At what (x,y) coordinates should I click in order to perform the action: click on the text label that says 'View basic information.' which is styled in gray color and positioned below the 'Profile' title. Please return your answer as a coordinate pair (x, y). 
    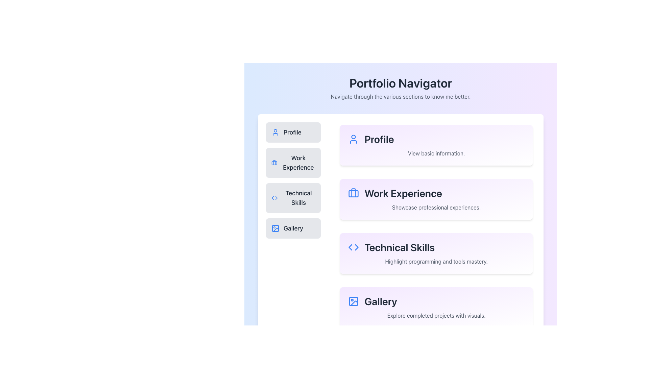
    Looking at the image, I should click on (436, 153).